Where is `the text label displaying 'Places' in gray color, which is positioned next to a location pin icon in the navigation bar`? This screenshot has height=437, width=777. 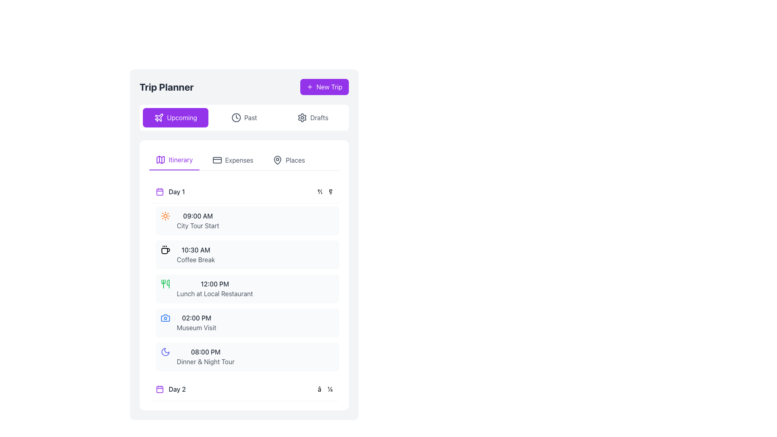 the text label displaying 'Places' in gray color, which is positioned next to a location pin icon in the navigation bar is located at coordinates (295, 160).